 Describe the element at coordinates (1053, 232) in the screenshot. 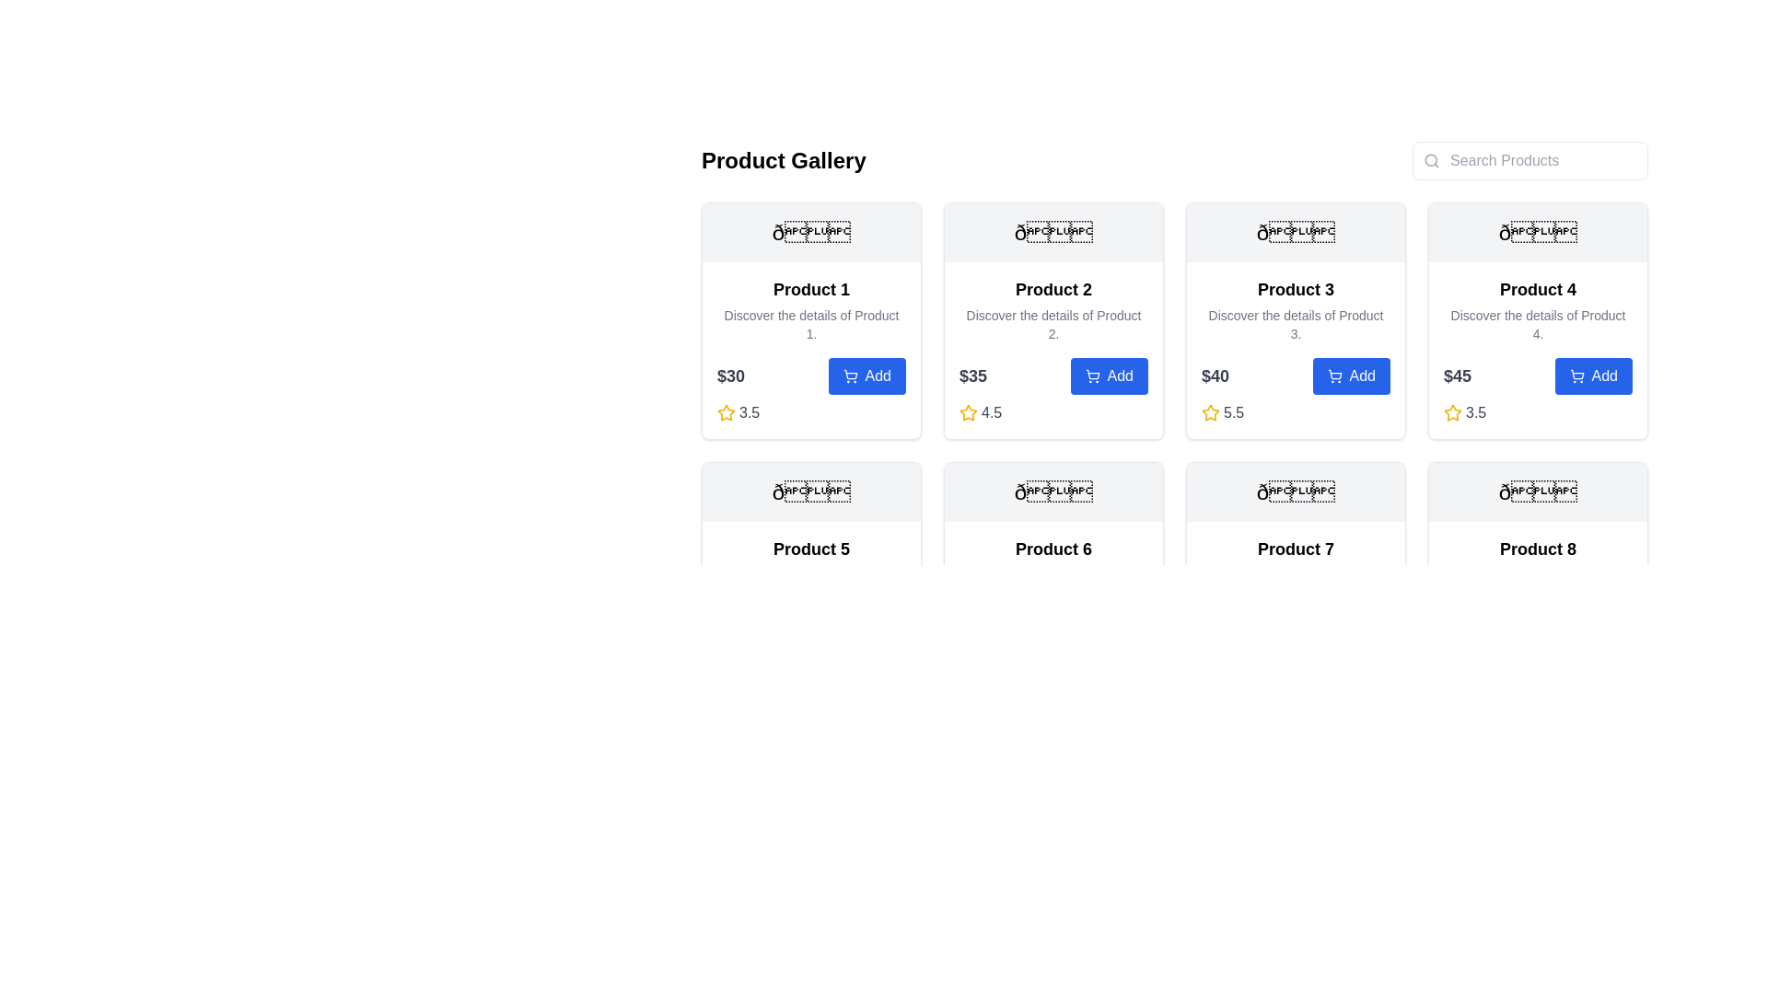

I see `the decorative emblem or icon located at the top center of the 'Product 2' card, which features a design on a light gray background` at that location.